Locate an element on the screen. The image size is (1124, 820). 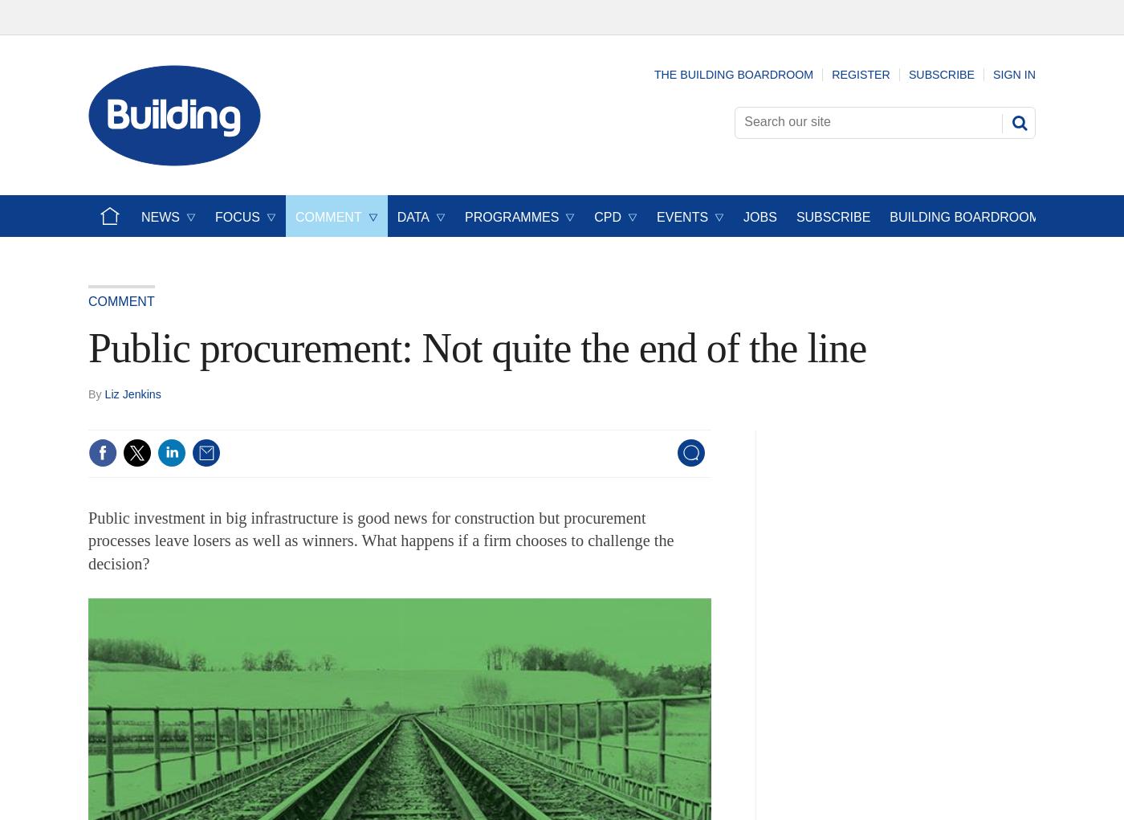
'Liz Jenkins' is located at coordinates (104, 392).